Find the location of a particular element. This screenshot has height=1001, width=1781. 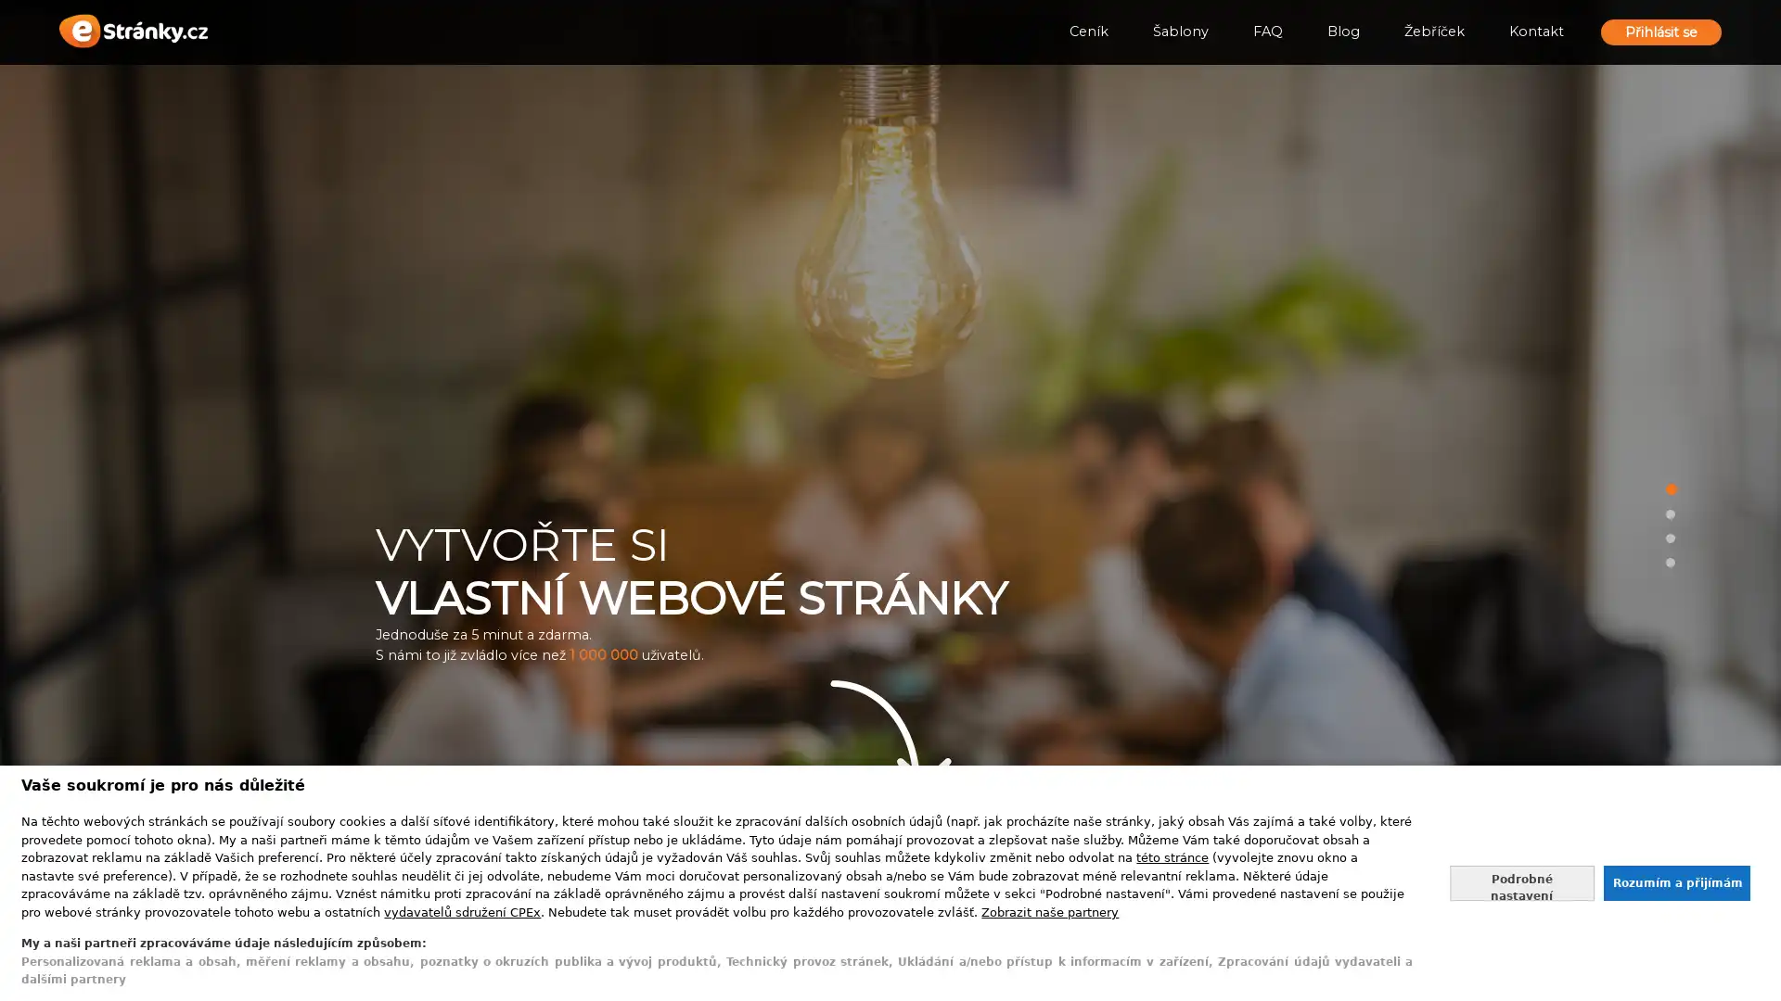

Zobrazit nase partnery is located at coordinates (1050, 910).